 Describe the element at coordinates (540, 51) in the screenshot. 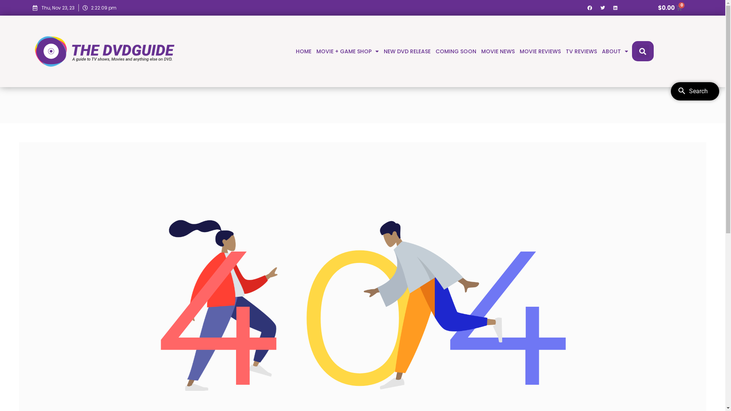

I see `'MOVIE REVIEWS'` at that location.